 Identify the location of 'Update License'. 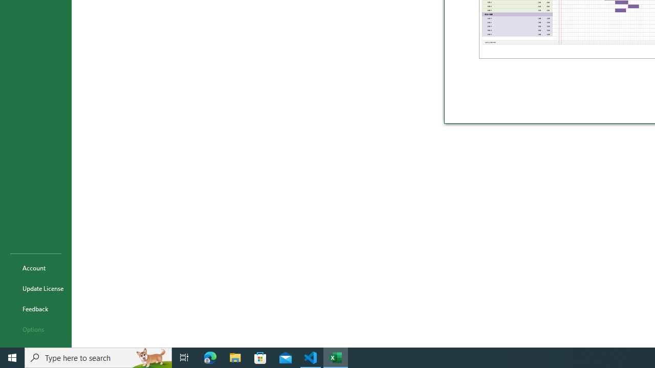
(35, 288).